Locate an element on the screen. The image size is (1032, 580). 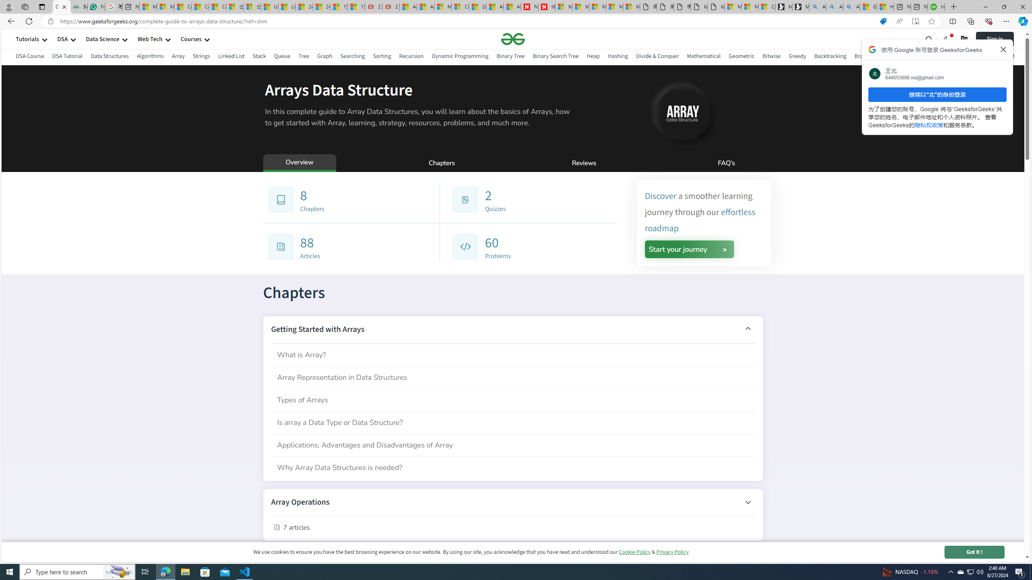
'Alabama high school quarterback dies - Search' is located at coordinates (817, 6).